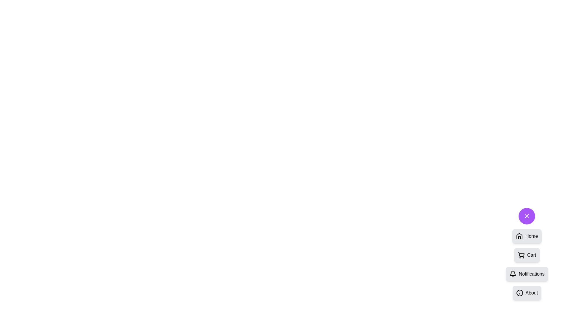  I want to click on the option Notifications from the SpeedDial menu, so click(527, 274).